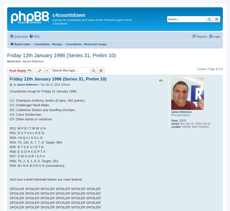 Image resolution: width=230 pixels, height=211 pixels. I want to click on 'Moderator:', so click(7, 61).